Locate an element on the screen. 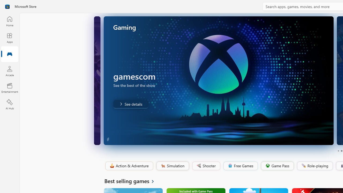 The height and width of the screenshot is (193, 343). 'Role-playing' is located at coordinates (315, 166).